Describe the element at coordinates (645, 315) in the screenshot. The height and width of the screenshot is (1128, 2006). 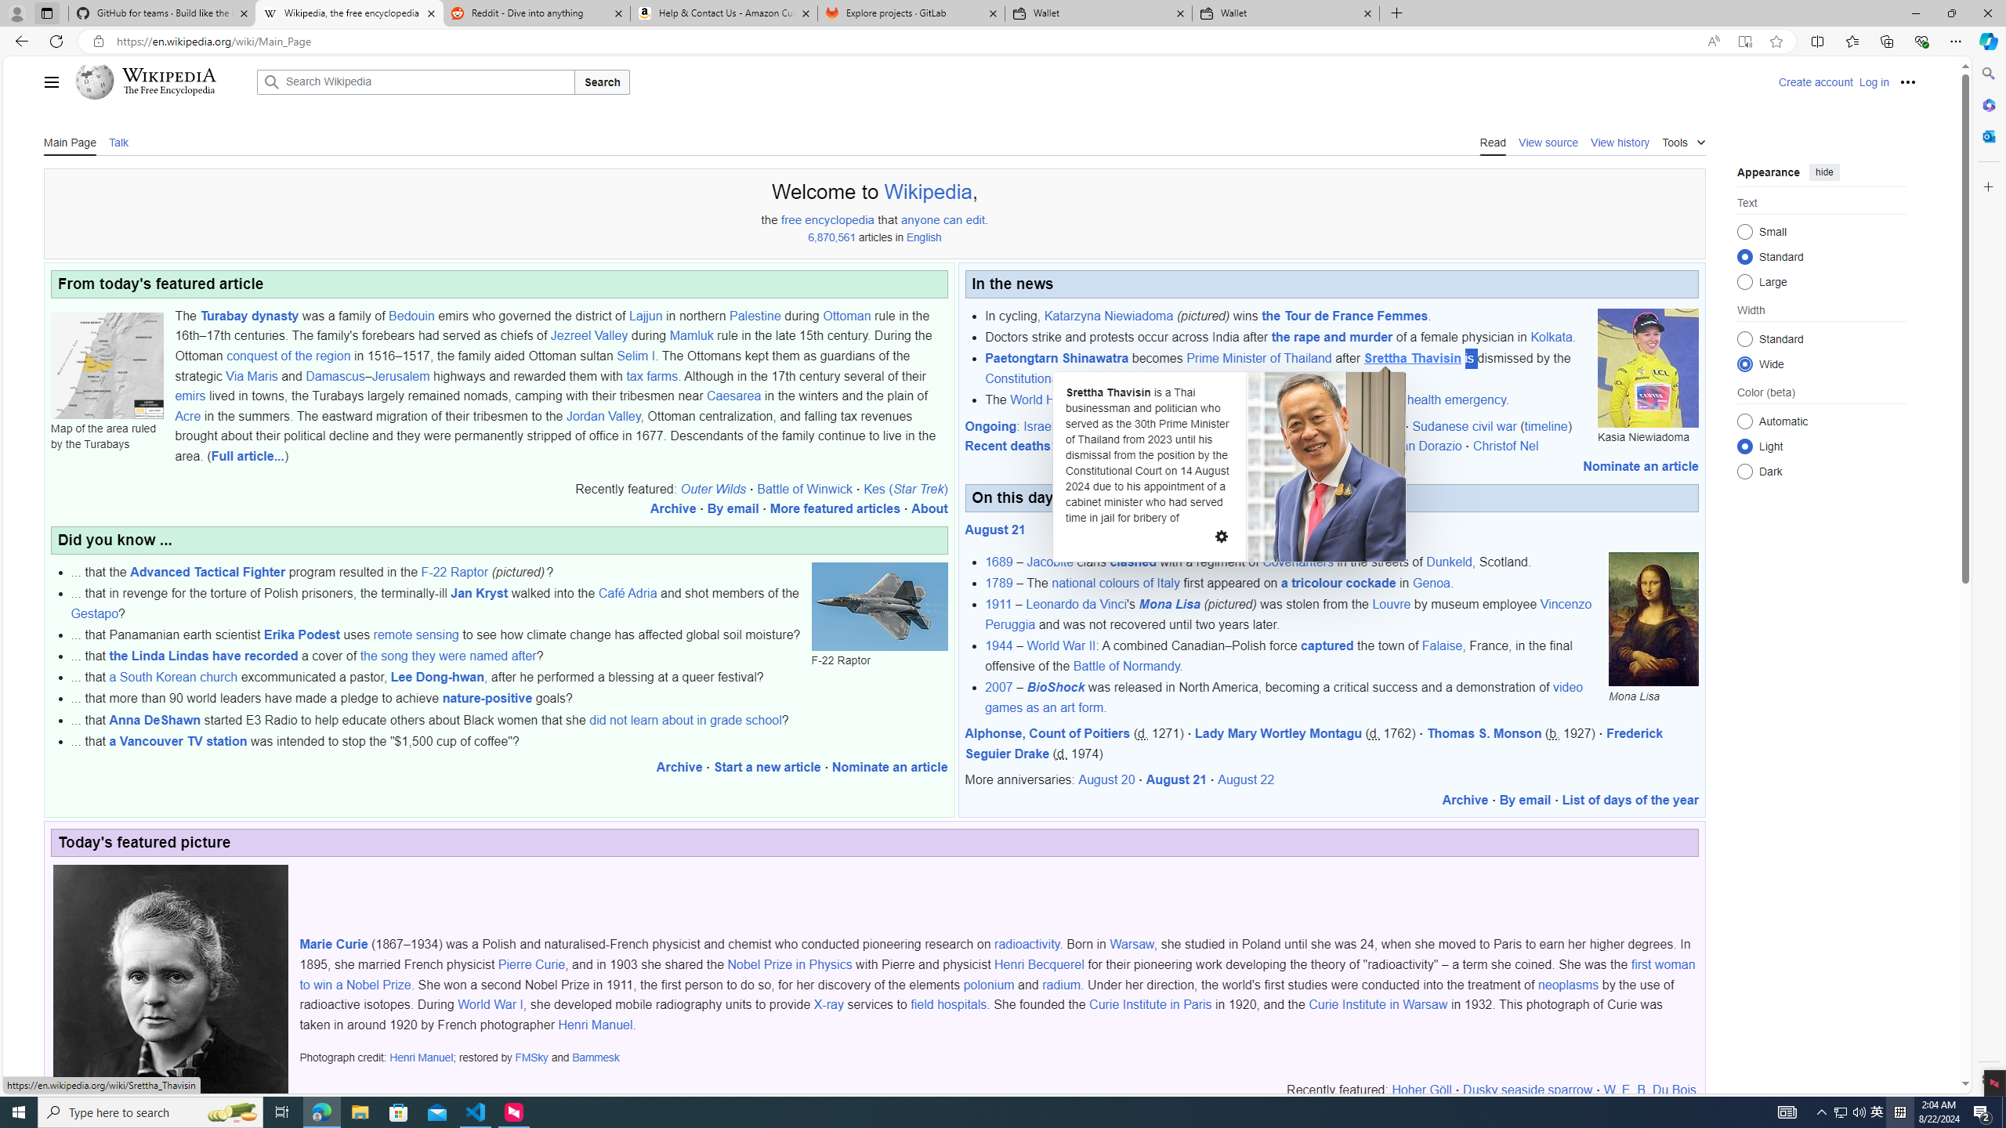
I see `'Lajjun'` at that location.